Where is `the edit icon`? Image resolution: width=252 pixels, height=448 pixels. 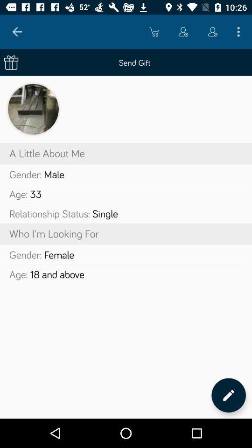
the edit icon is located at coordinates (228, 395).